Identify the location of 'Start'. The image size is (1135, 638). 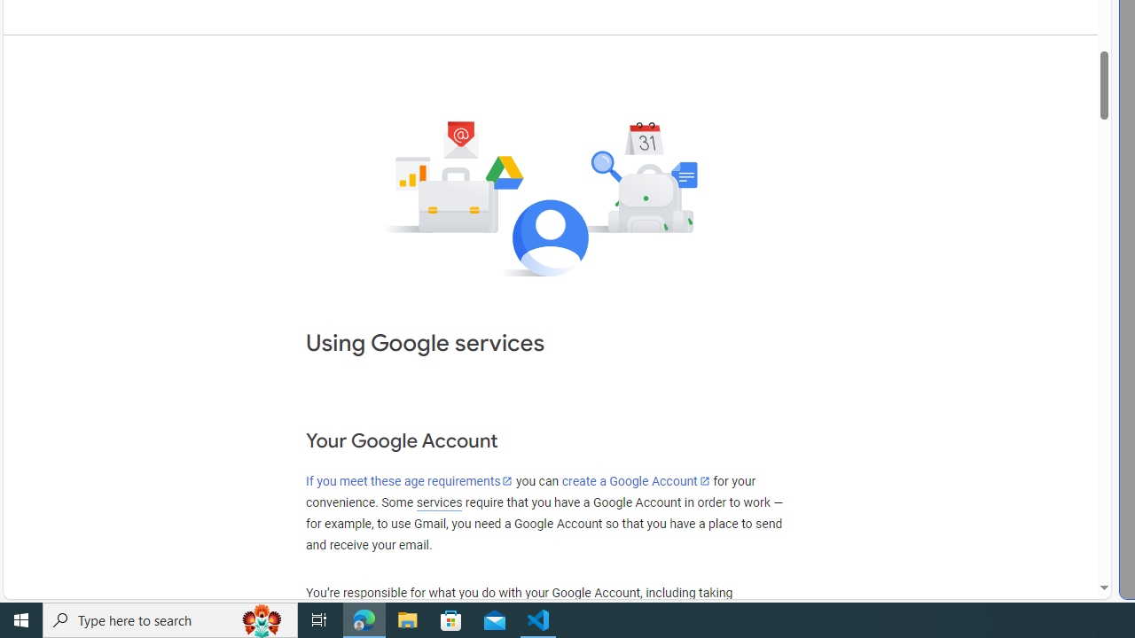
(21, 619).